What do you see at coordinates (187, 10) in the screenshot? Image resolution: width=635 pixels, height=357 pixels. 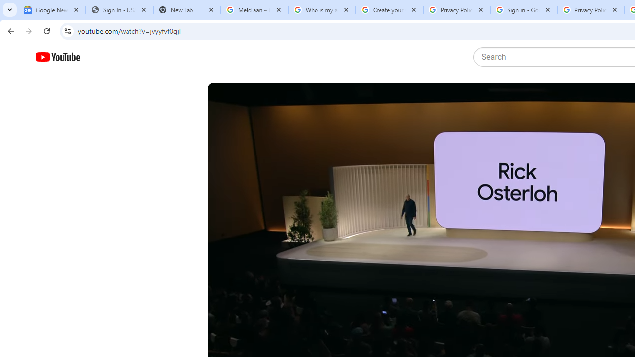 I see `'New Tab'` at bounding box center [187, 10].